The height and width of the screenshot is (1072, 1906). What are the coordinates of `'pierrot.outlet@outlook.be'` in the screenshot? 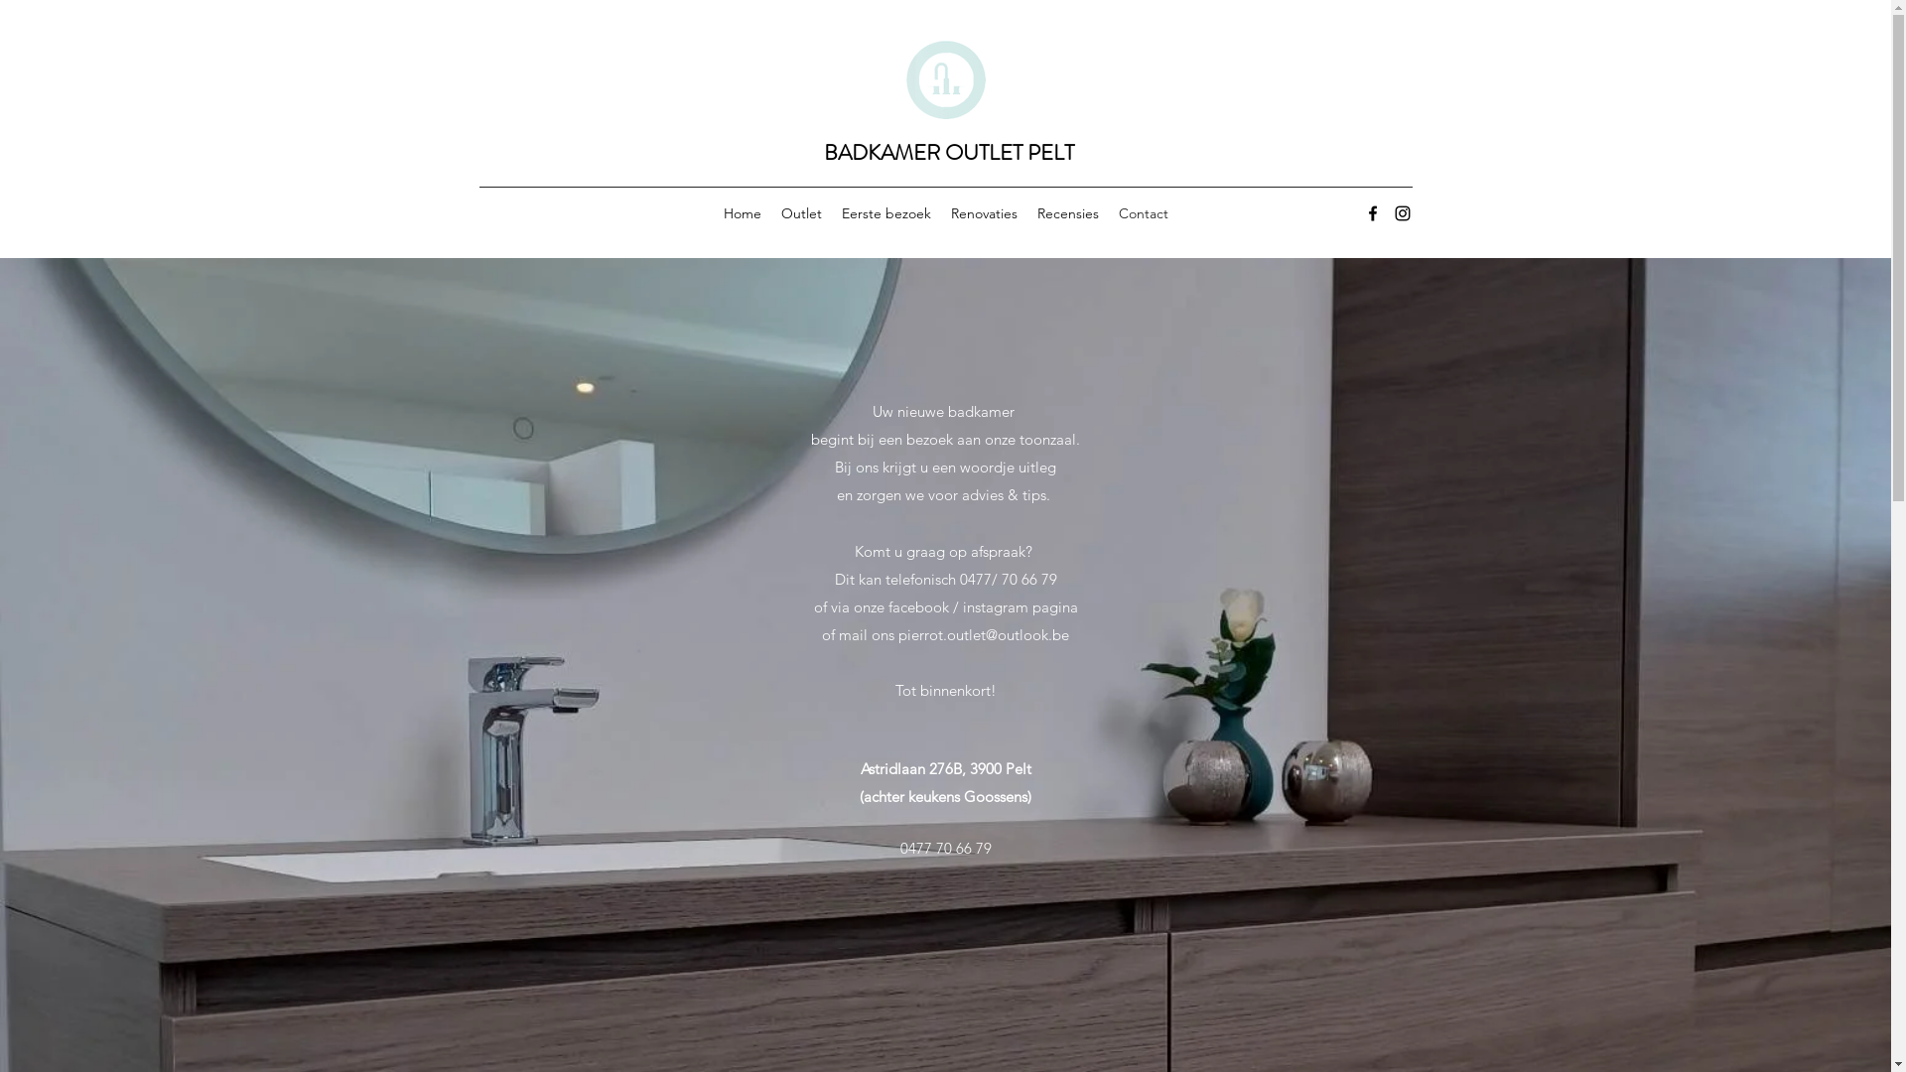 It's located at (983, 634).